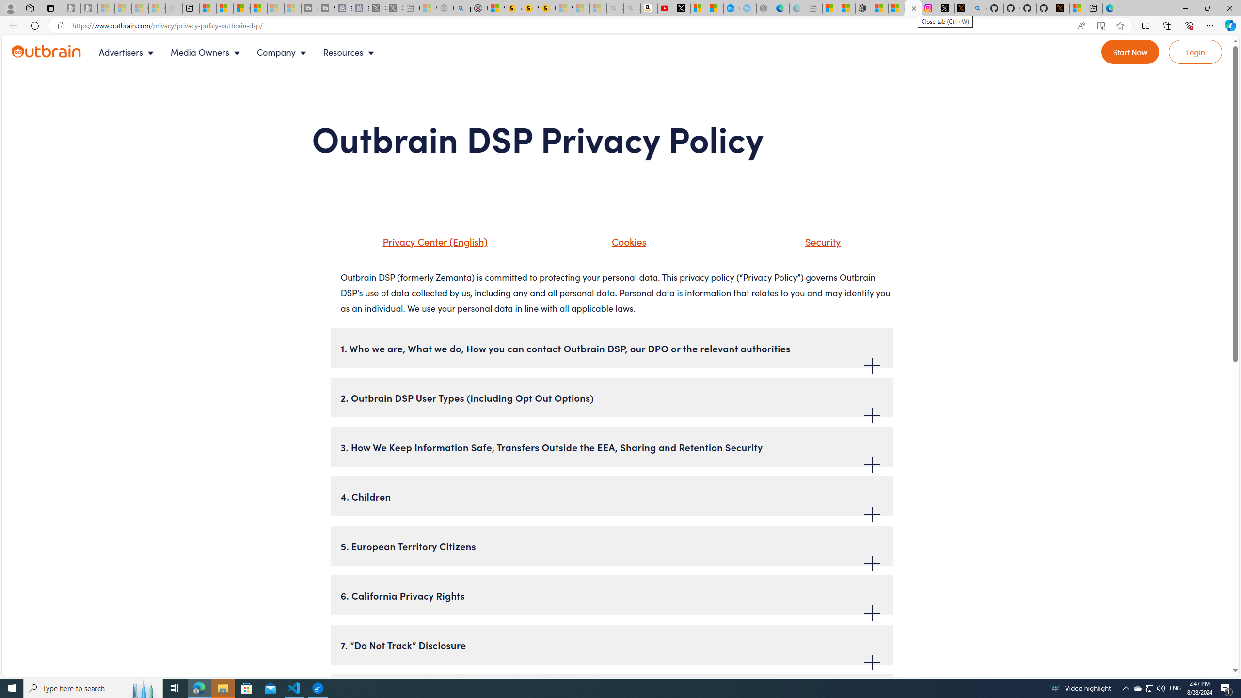 This screenshot has height=698, width=1241. Describe the element at coordinates (350, 52) in the screenshot. I see `'Resources'` at that location.